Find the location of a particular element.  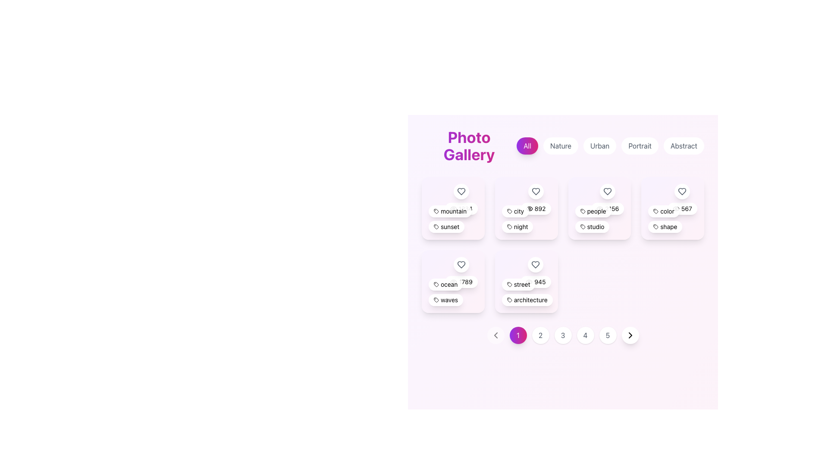

the text label that categorizes the card with the tags 'city' and 'night', located at the bottom center of the second card in the first row of the card grid layout is located at coordinates (526, 218).